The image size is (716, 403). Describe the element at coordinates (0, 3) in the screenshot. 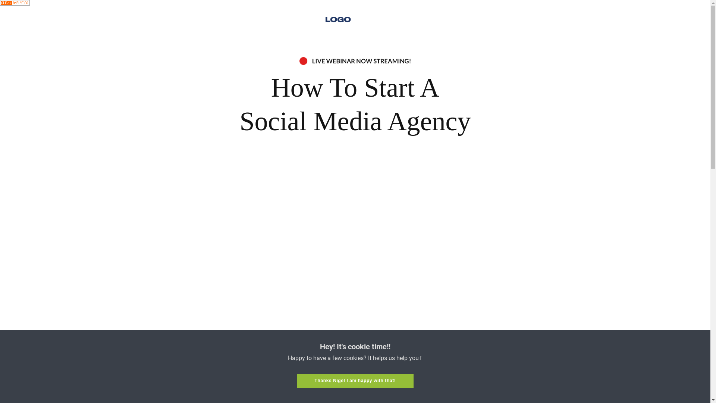

I see `'GDPR-compliant Web Analytics'` at that location.